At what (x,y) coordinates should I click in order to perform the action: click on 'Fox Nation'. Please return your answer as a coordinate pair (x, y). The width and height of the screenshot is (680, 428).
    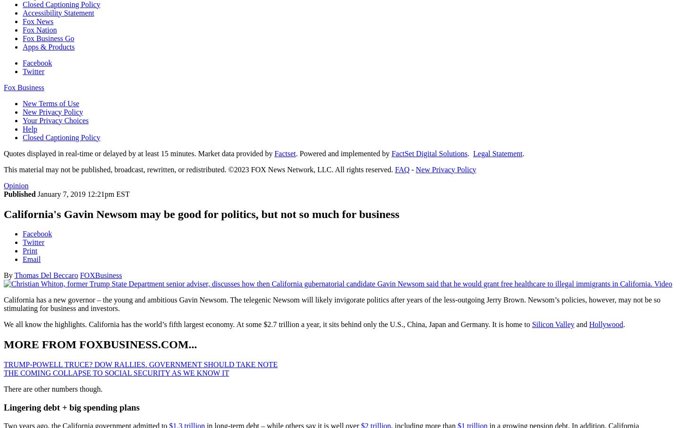
    Looking at the image, I should click on (39, 29).